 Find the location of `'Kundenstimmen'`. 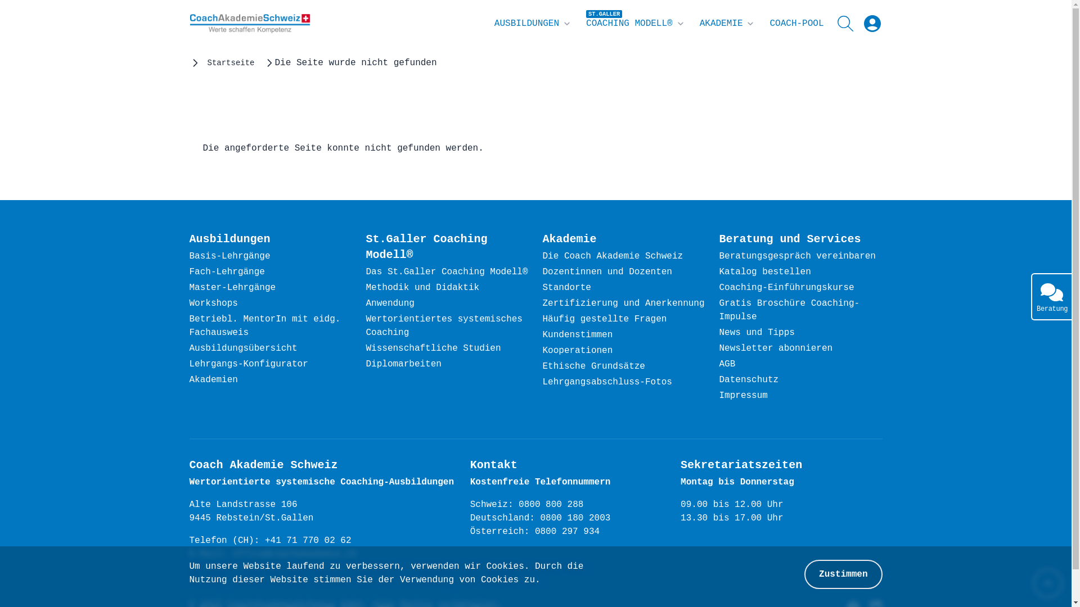

'Kundenstimmen' is located at coordinates (542, 335).